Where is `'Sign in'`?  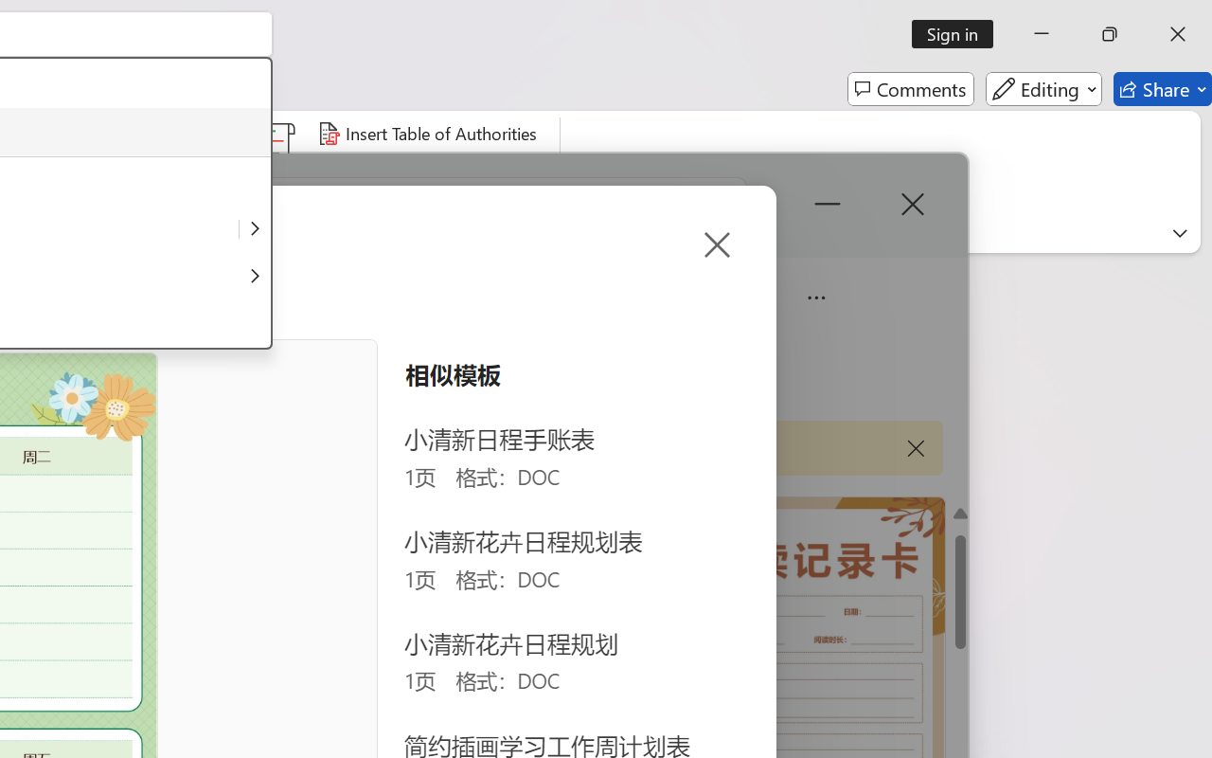 'Sign in' is located at coordinates (959, 33).